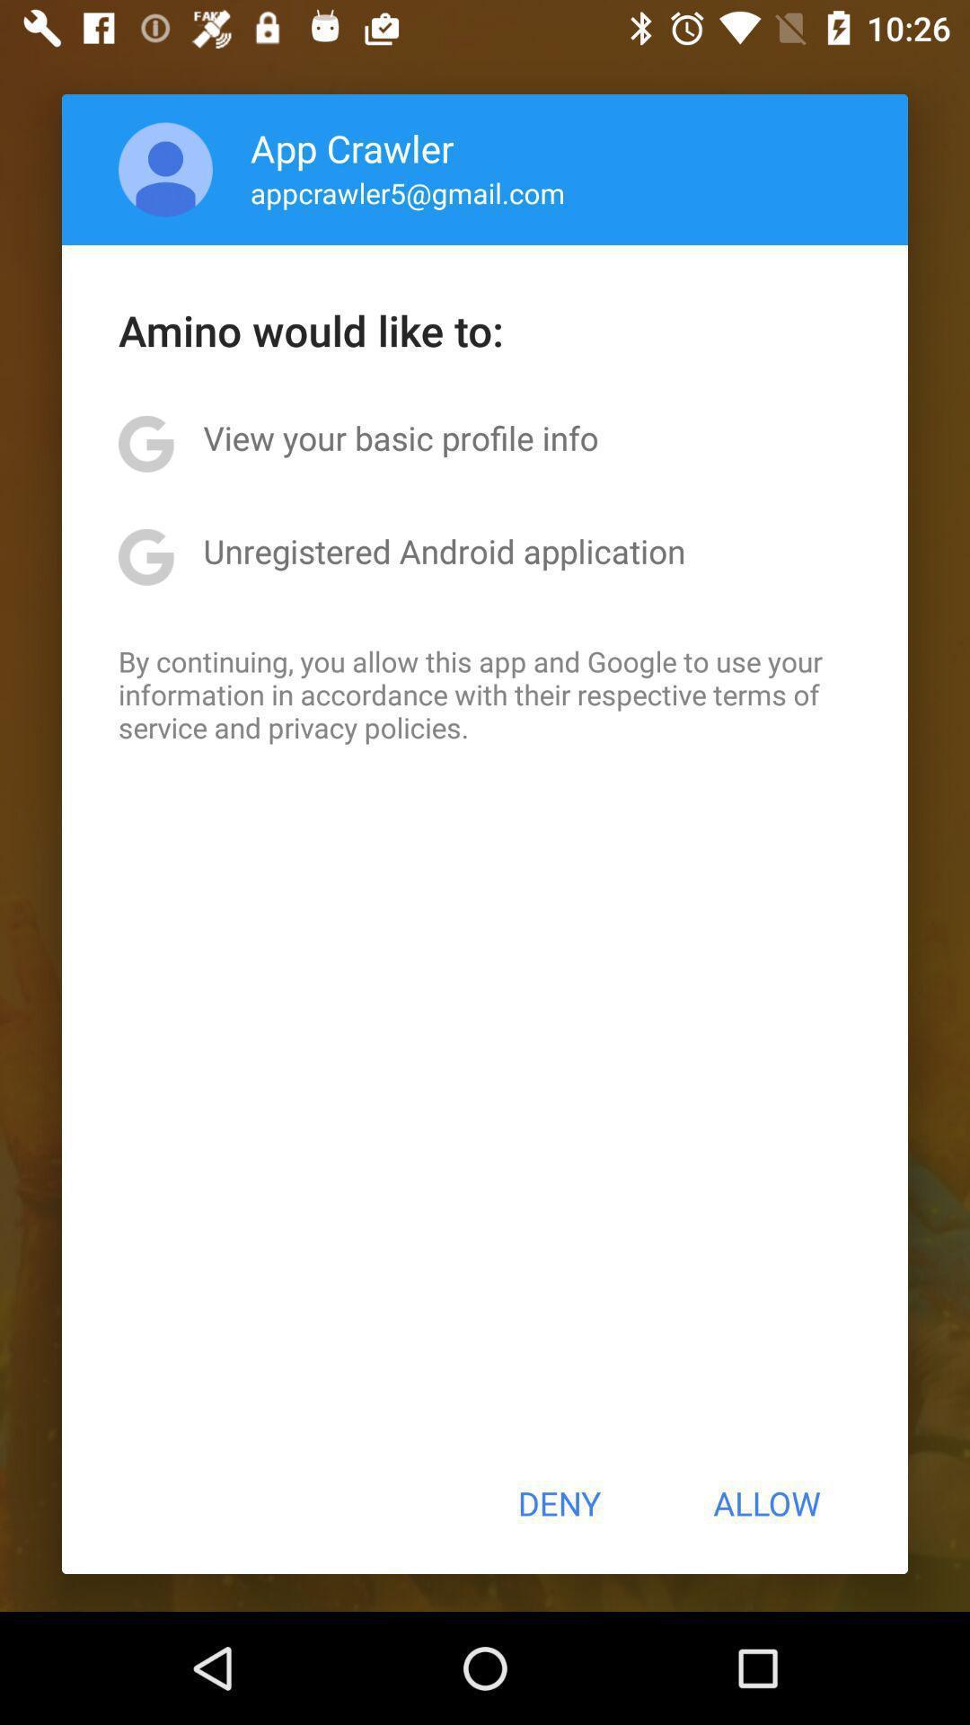  What do you see at coordinates (165, 169) in the screenshot?
I see `the icon next to app crawler item` at bounding box center [165, 169].